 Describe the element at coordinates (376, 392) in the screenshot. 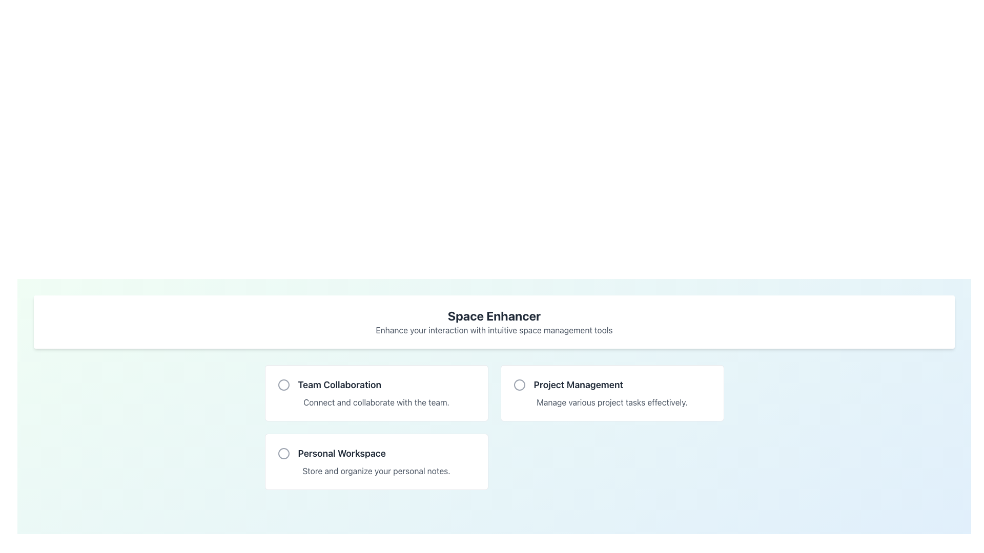

I see `first selectable card option in the grid of three cards, which represents a feature related to team collaboration` at that location.